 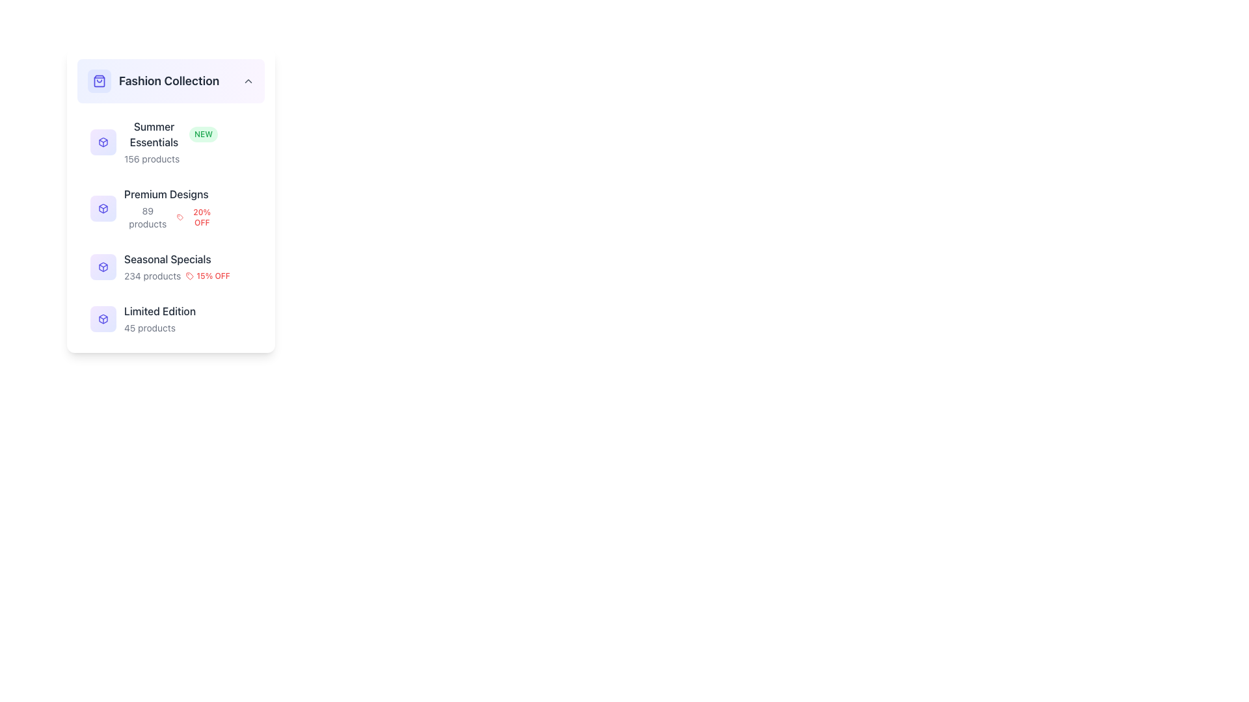 What do you see at coordinates (102, 207) in the screenshot?
I see `the square-shaped icon with rounded corners and a gradient background` at bounding box center [102, 207].